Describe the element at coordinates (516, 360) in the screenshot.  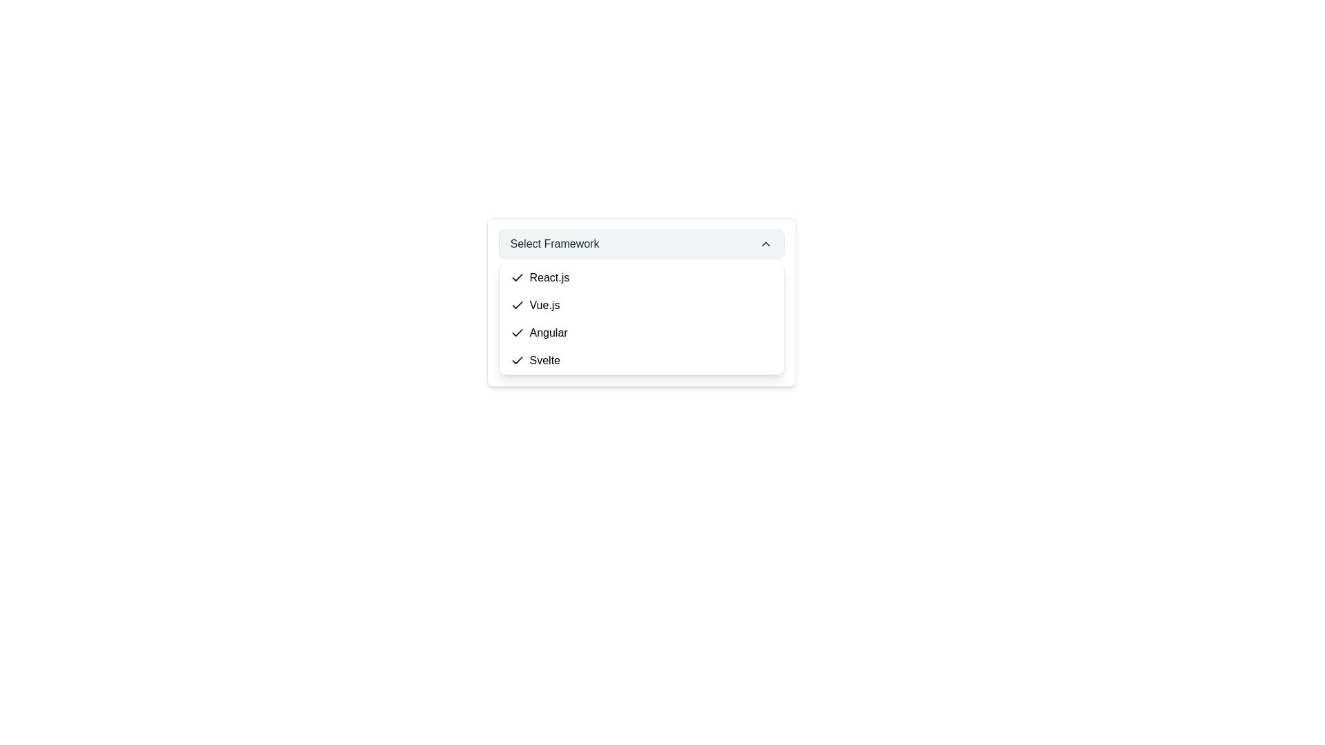
I see `the checkmark icon positioned to the left of the text 'Svelte' in the bottom entry of the dropdown menu` at that location.